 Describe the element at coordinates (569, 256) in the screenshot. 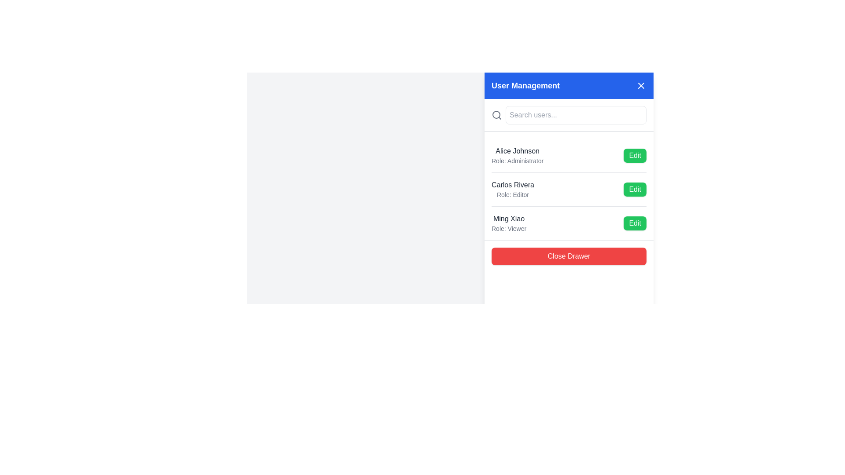

I see `the rectangular button with a red background and white text stating 'Close Drawer' located at the bottom right of the drawer` at that location.